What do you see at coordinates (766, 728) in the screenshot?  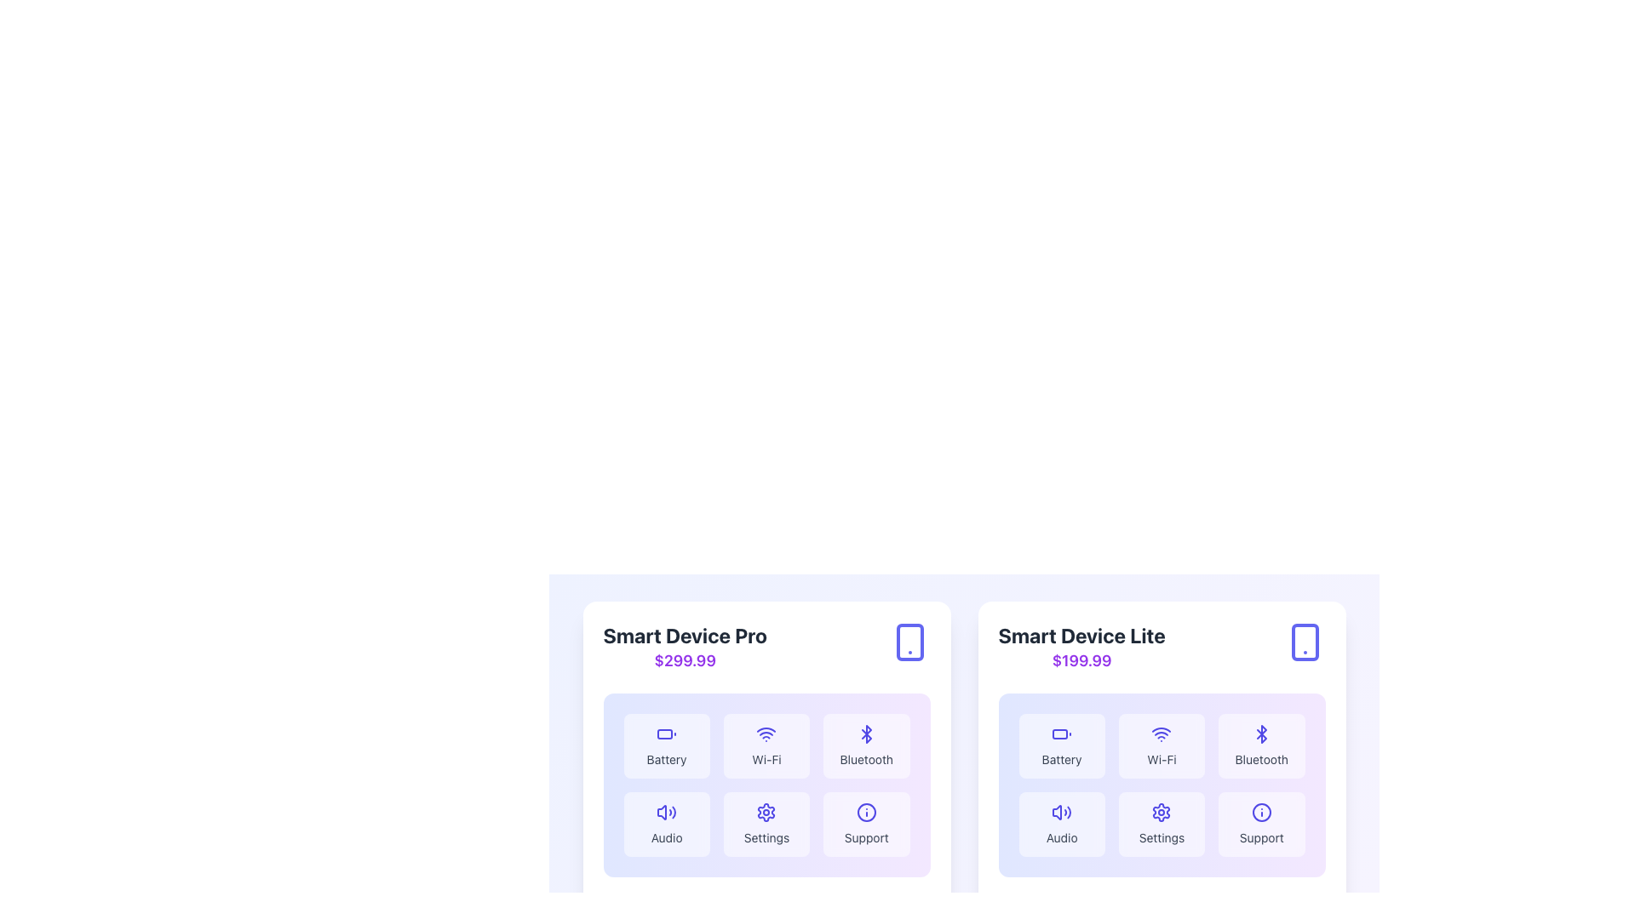 I see `the second arc of the Wi-Fi icon, which resembles a curved line indicating connectivity` at bounding box center [766, 728].